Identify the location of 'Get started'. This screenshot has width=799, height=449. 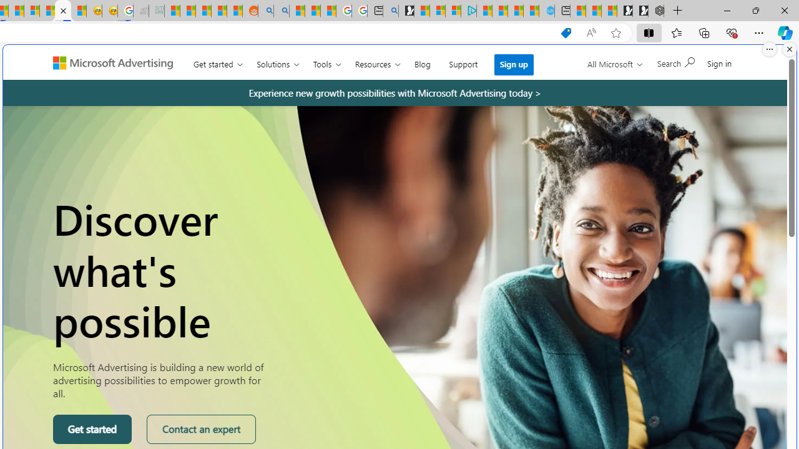
(92, 429).